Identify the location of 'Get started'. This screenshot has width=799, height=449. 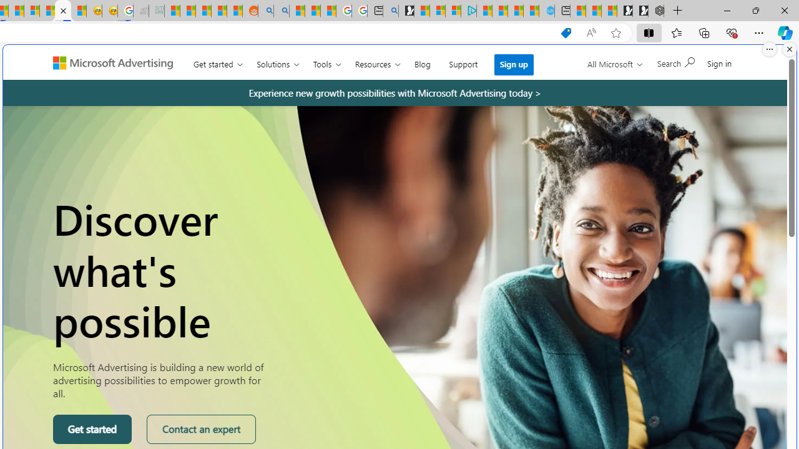
(92, 429).